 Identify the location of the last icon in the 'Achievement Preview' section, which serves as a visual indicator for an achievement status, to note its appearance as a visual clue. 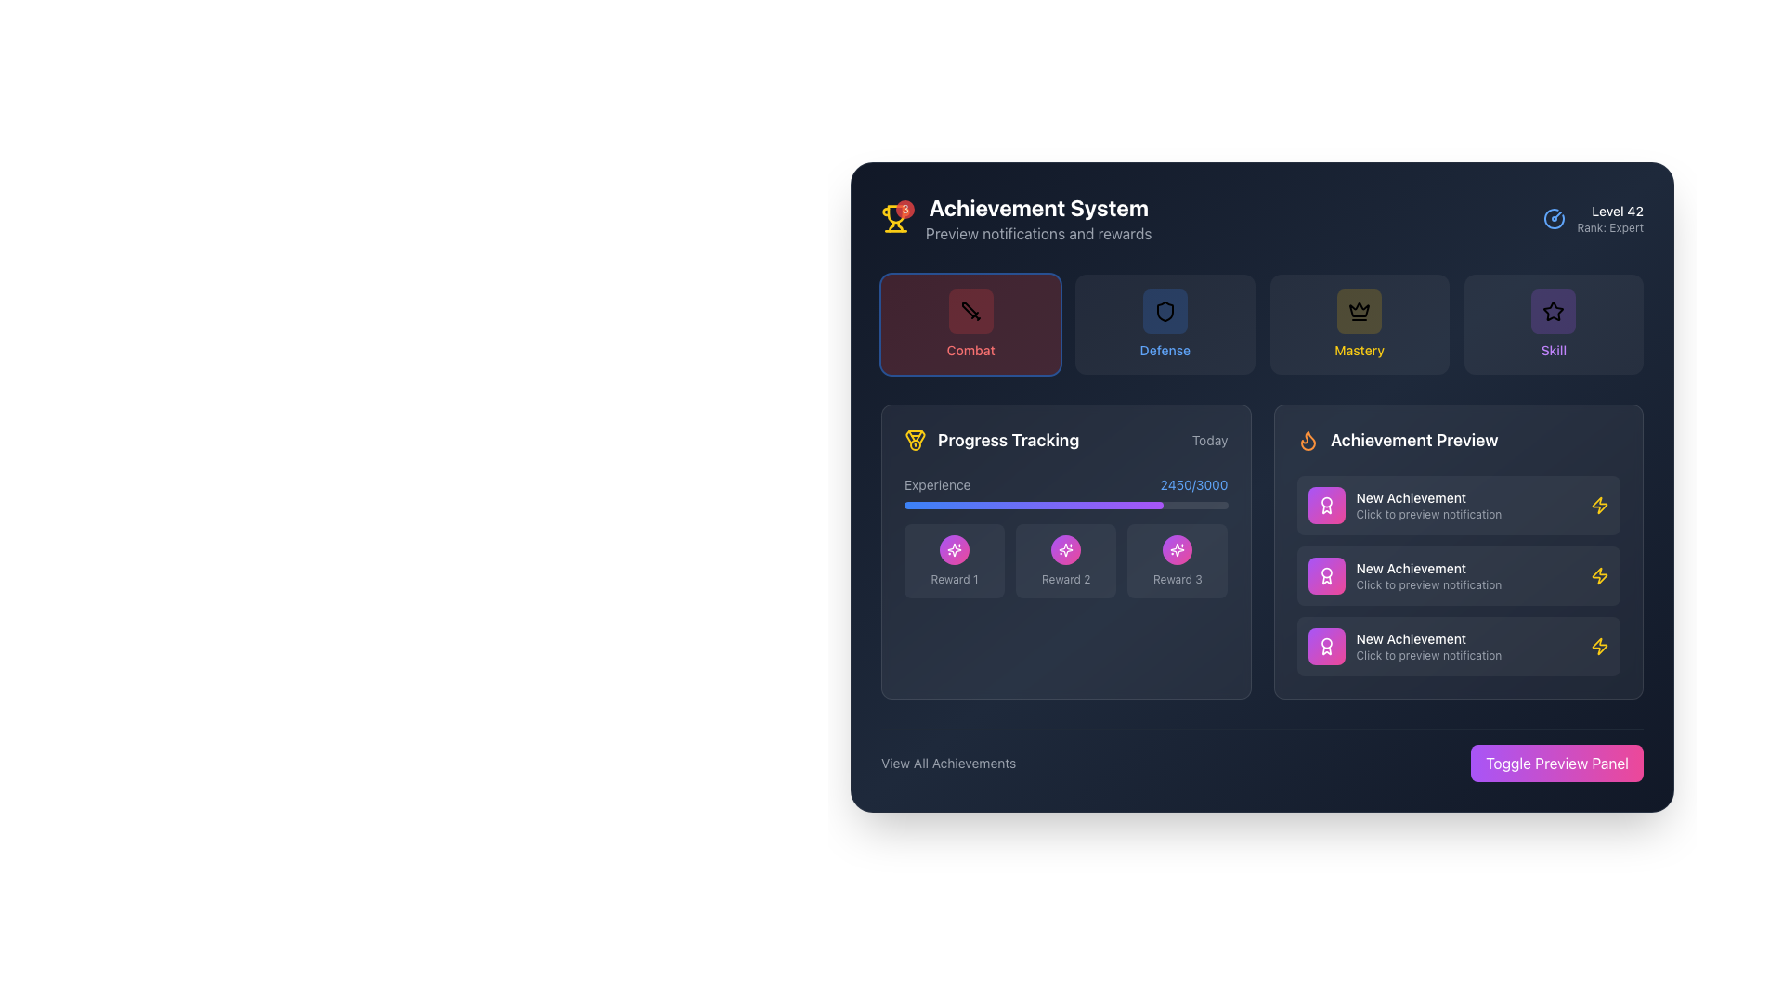
(1599, 505).